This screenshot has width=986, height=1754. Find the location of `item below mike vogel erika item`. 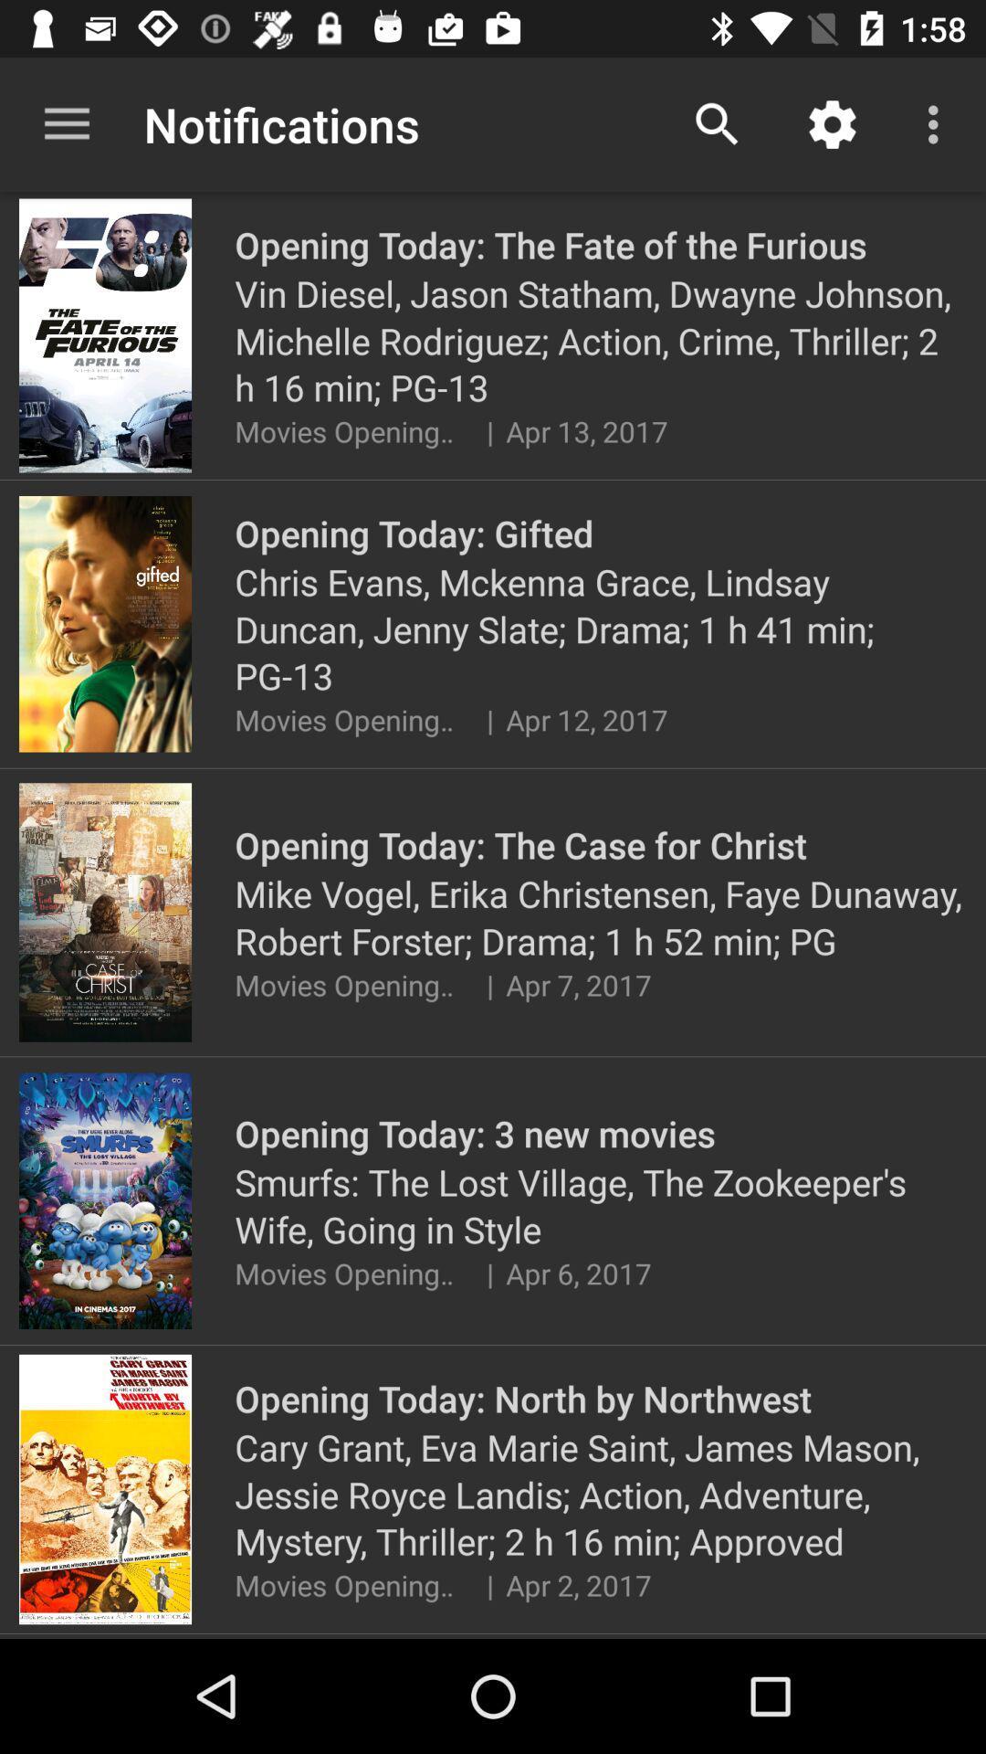

item below mike vogel erika item is located at coordinates (488, 984).